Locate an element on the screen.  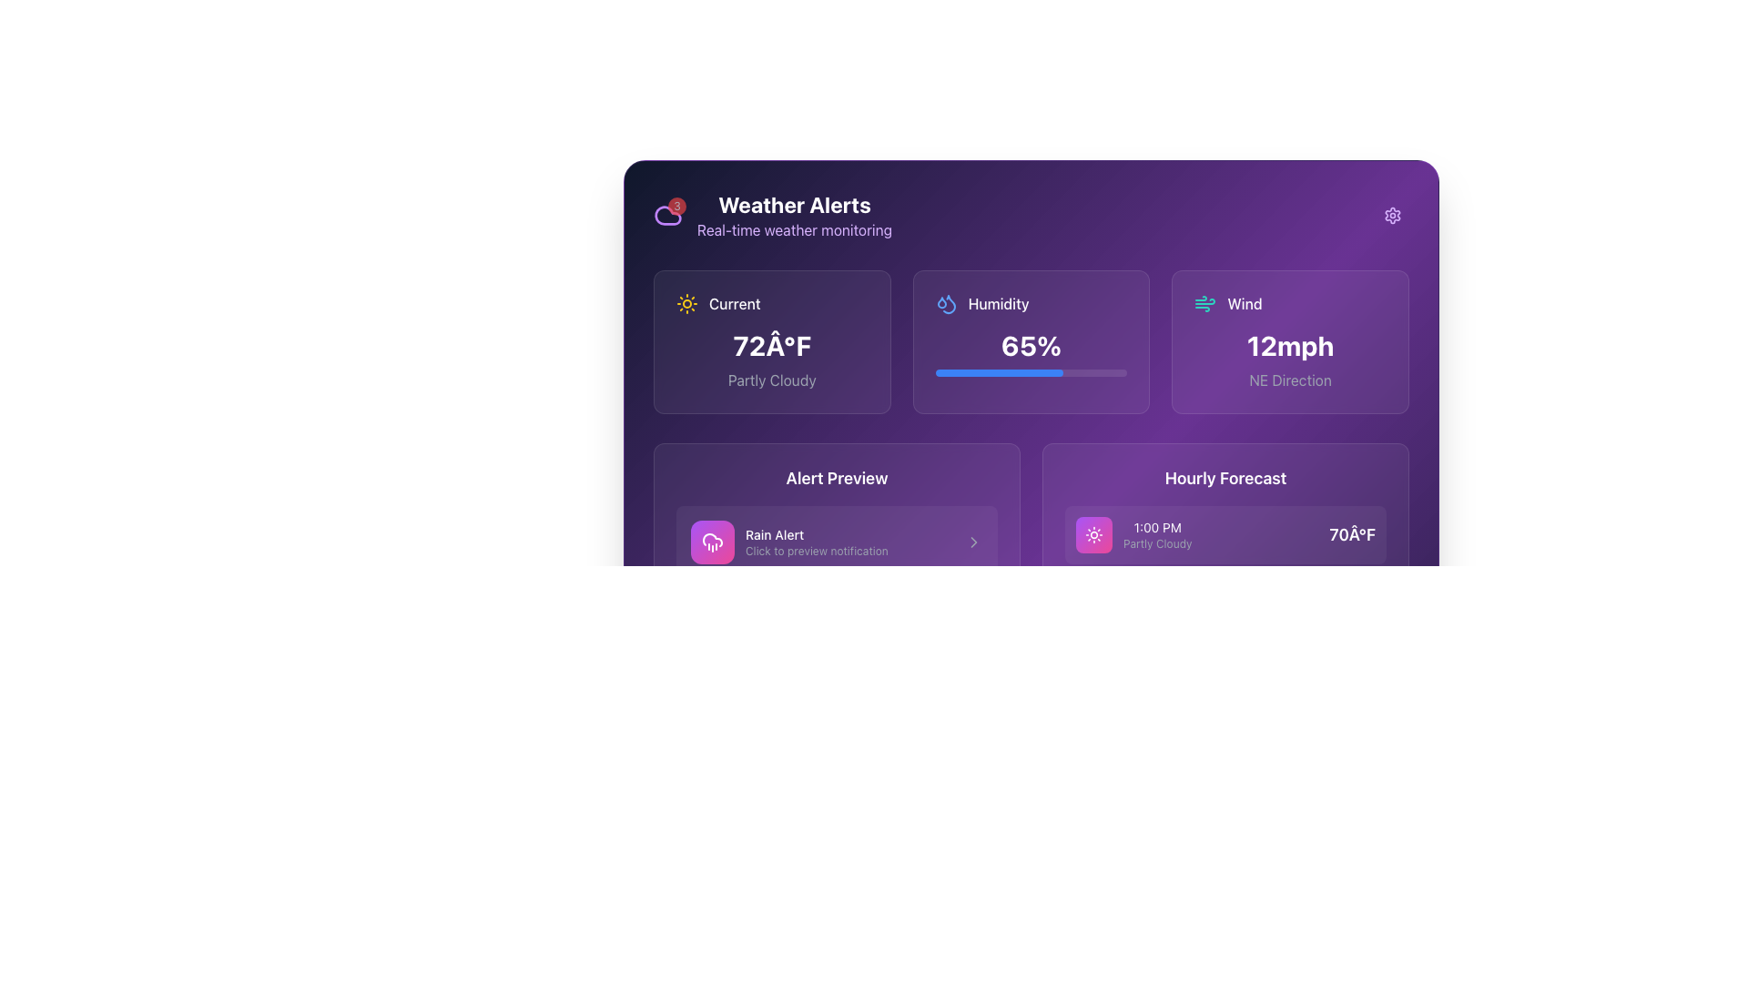
the static text indicating the time associated with the weather forecast, located under the 'Hourly Forecast' section, to the left of 'Partly Cloudy' is located at coordinates (1156, 527).